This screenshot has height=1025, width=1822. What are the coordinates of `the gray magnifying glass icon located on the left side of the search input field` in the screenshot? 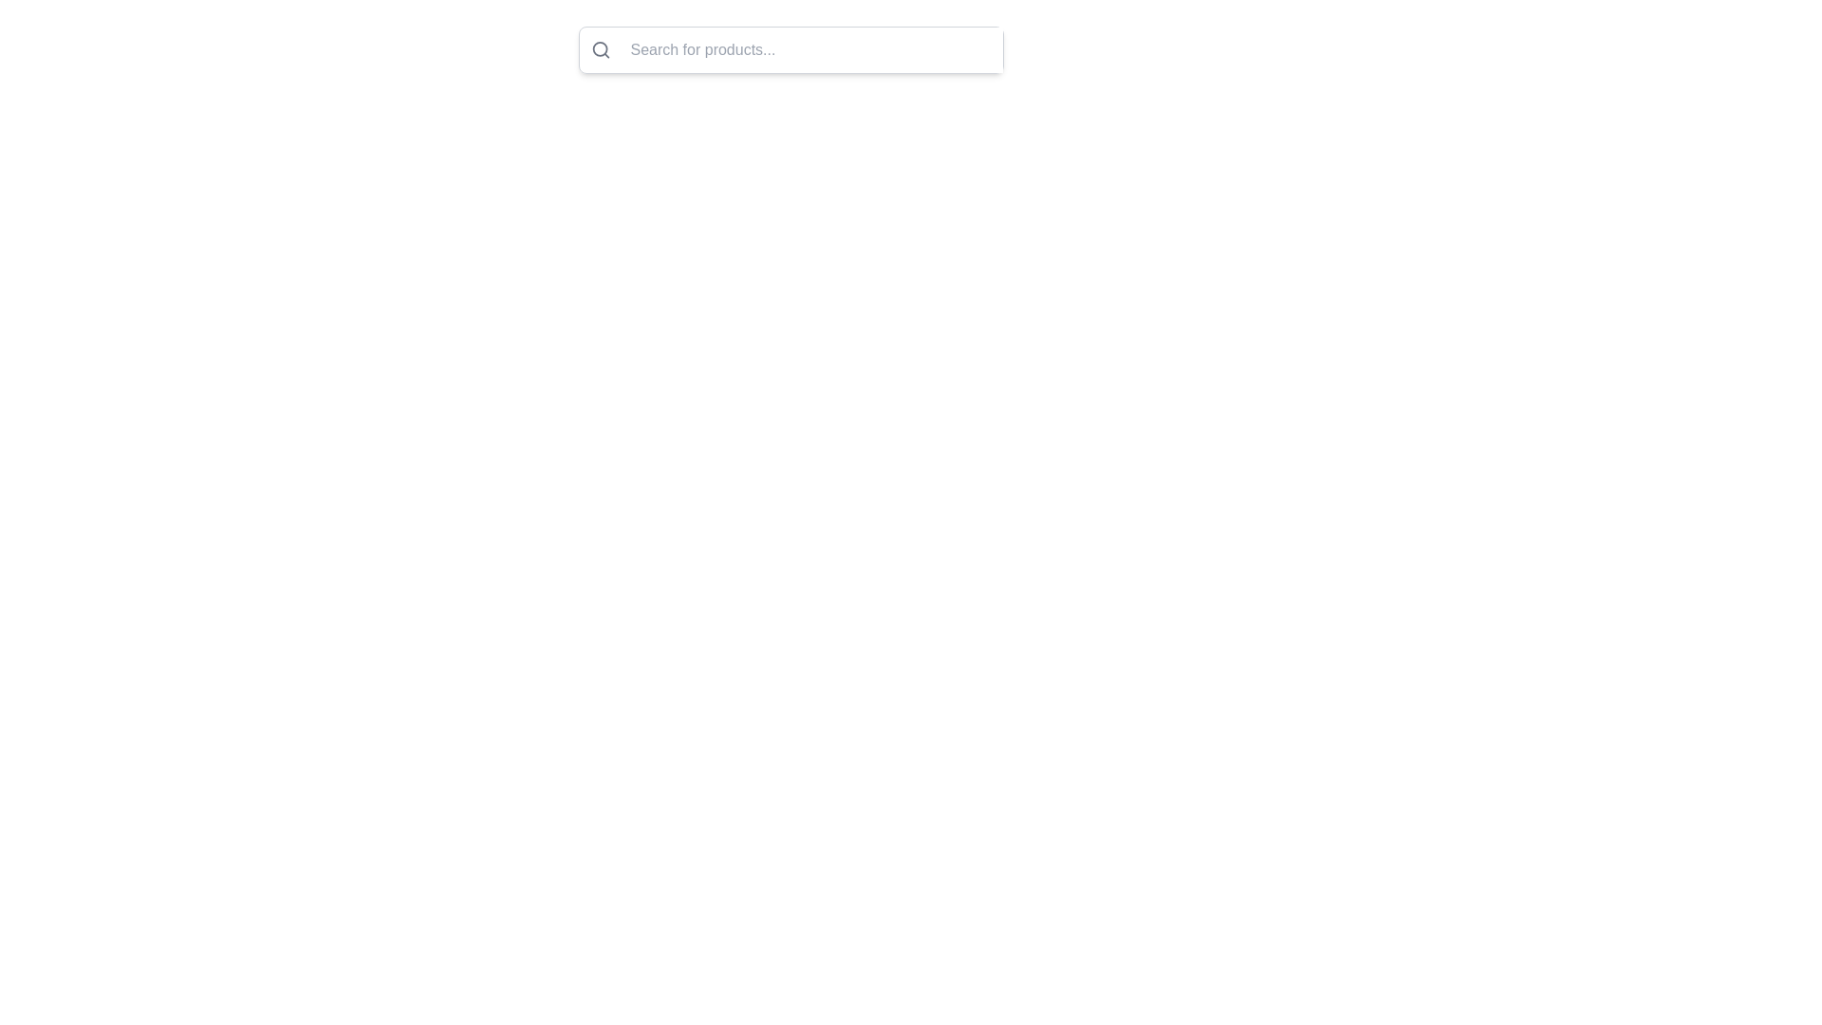 It's located at (600, 49).